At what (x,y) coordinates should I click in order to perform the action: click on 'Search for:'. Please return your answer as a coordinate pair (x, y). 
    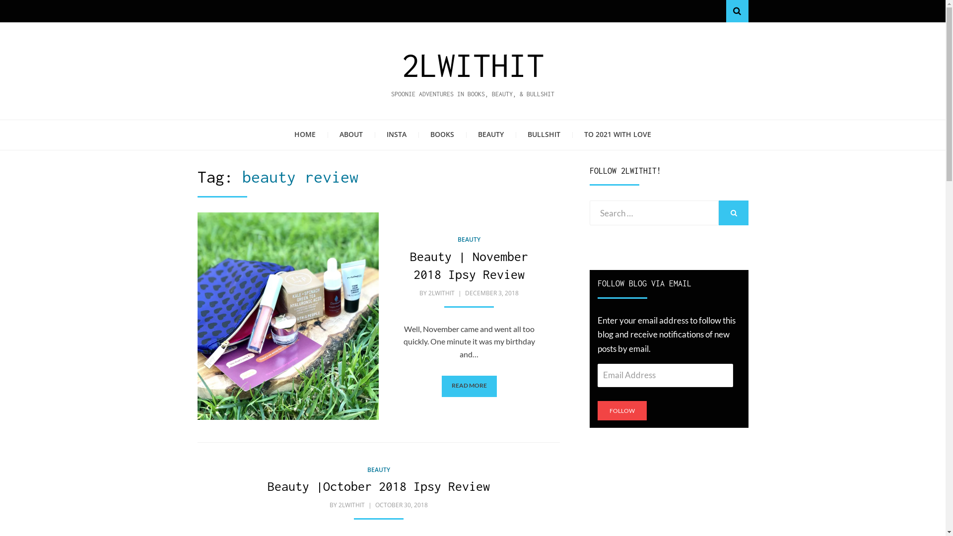
    Looking at the image, I should click on (654, 212).